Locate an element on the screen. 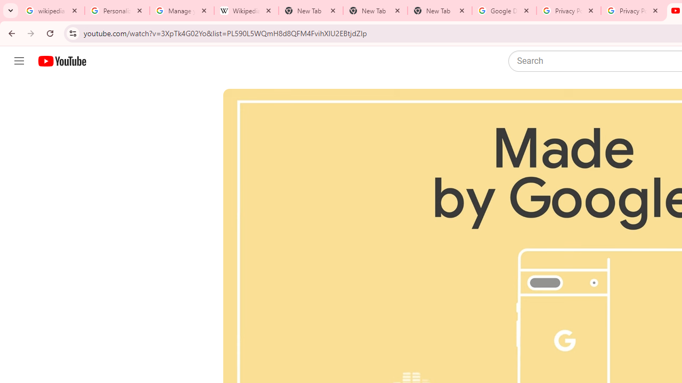  'Personalization & Google Search results - Google Search Help' is located at coordinates (117, 11).